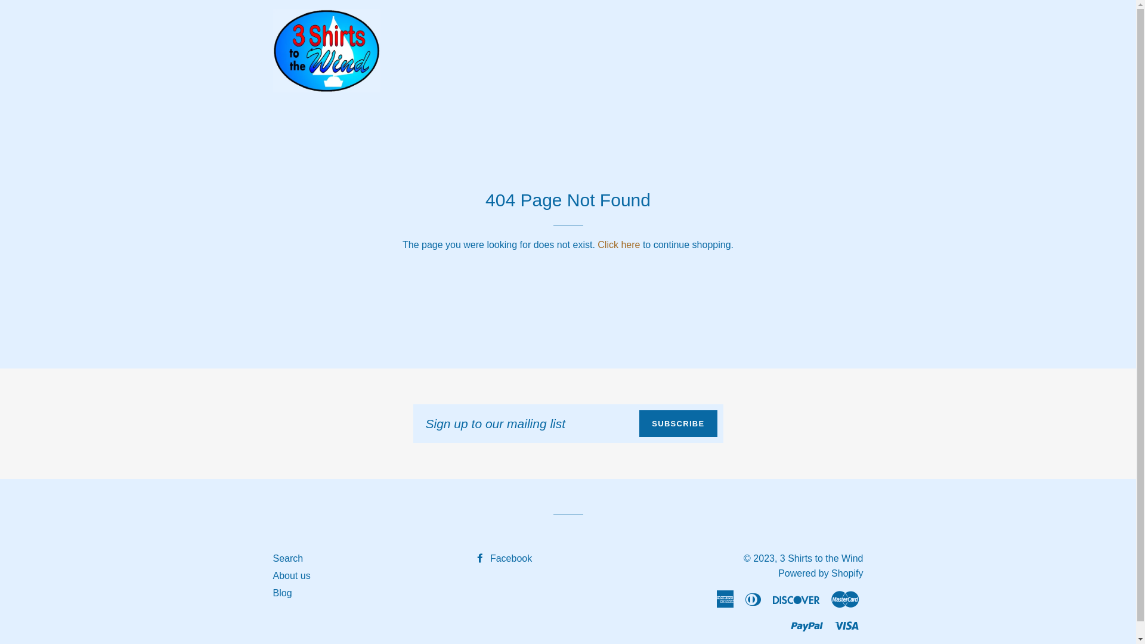 This screenshot has width=1145, height=644. Describe the element at coordinates (780, 558) in the screenshot. I see `'3 Shirts to the Wind'` at that location.